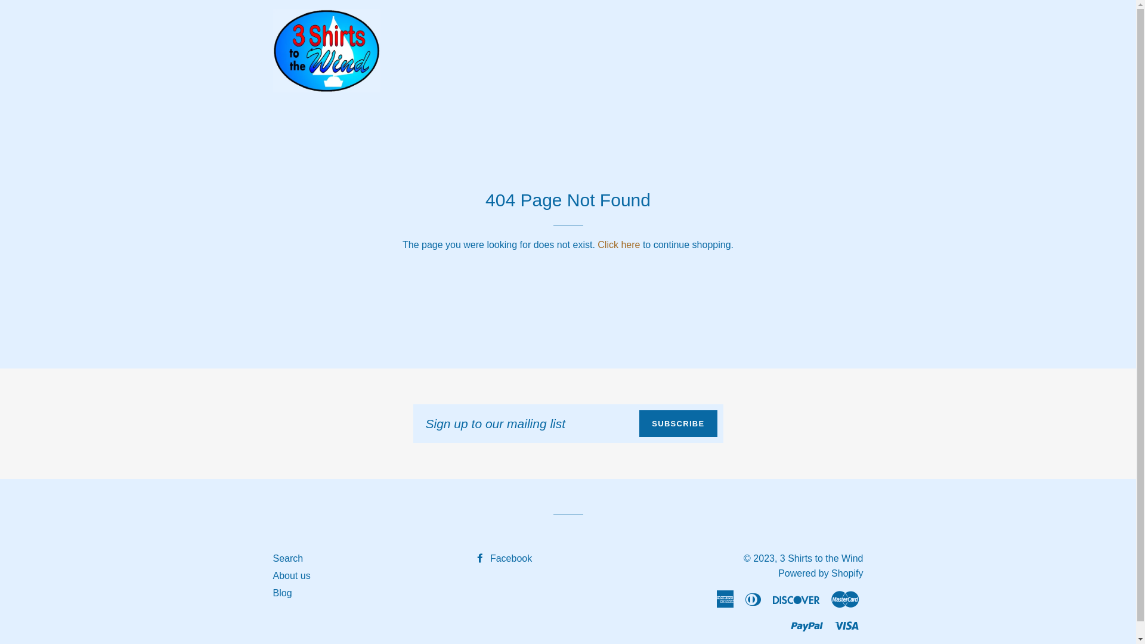 This screenshot has width=1145, height=644. Describe the element at coordinates (780, 558) in the screenshot. I see `'3 Shirts to the Wind'` at that location.